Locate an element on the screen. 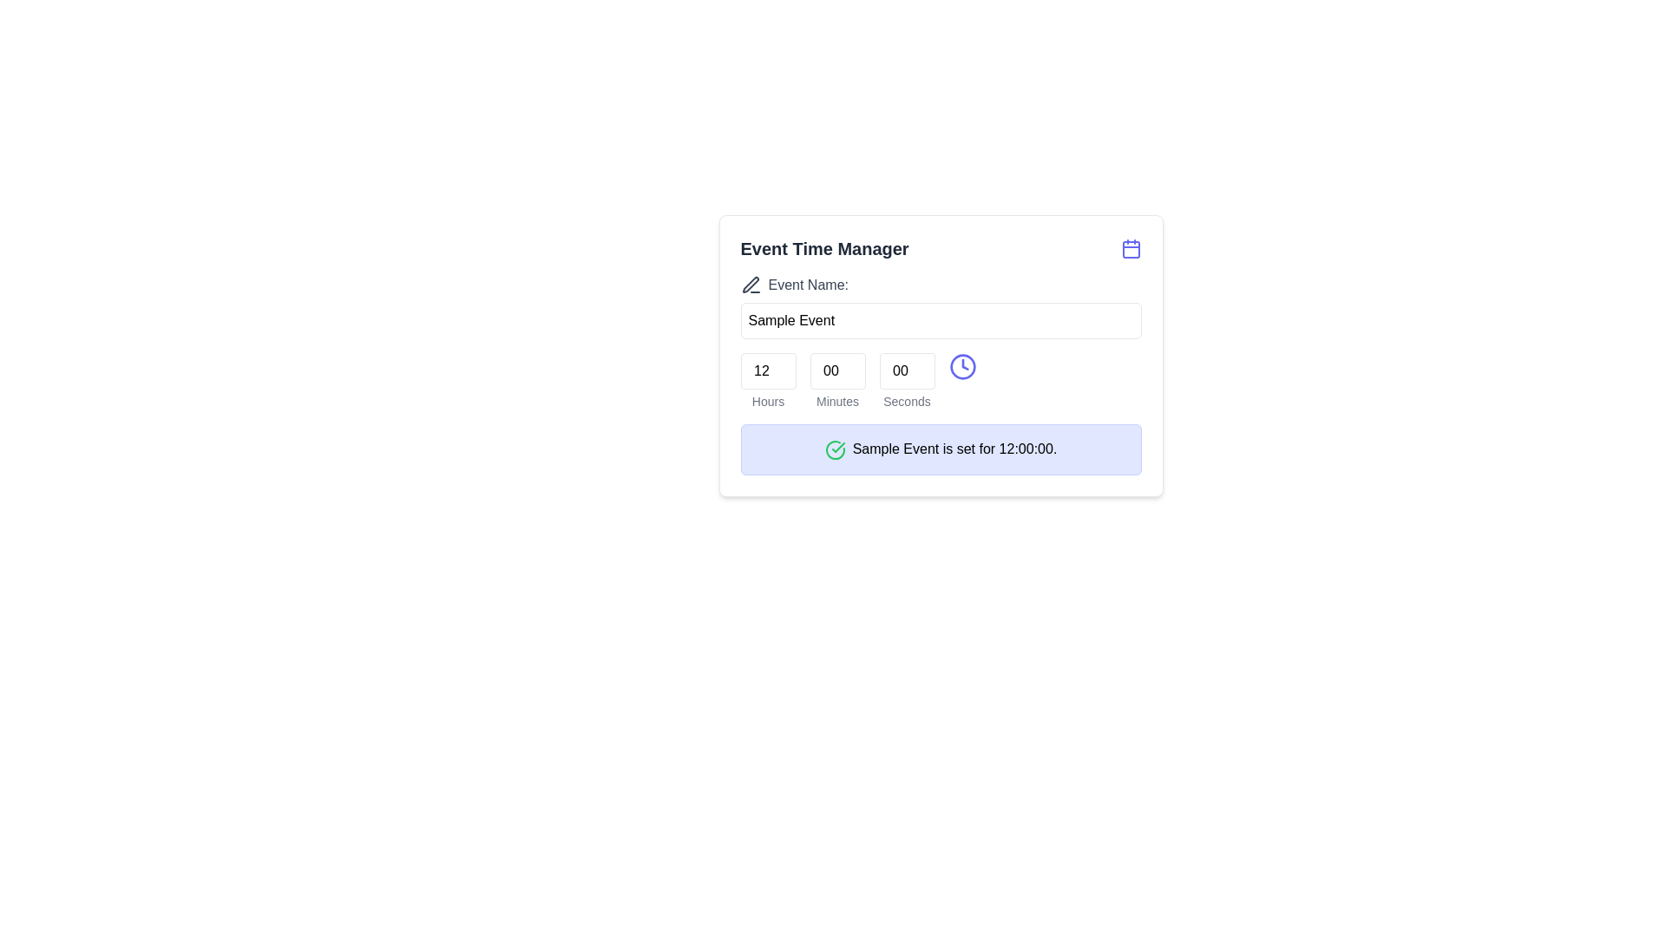  the confirmation success icon, which visually represents a checkmark inside a circular icon in the notification block of the event manager card is located at coordinates (838, 446).